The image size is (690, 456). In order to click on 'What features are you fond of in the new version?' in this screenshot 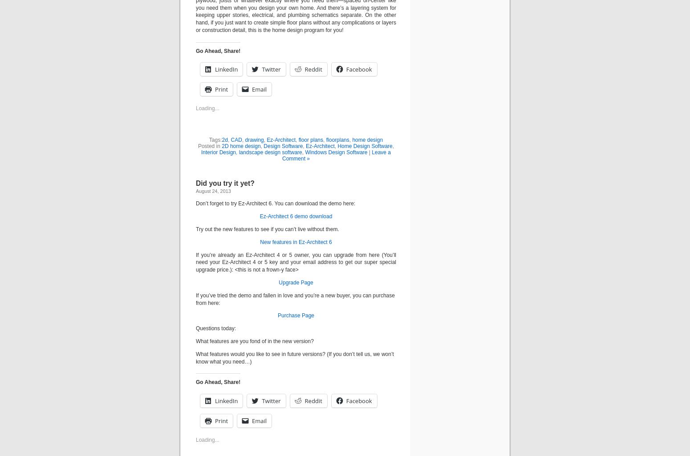, I will do `click(196, 341)`.